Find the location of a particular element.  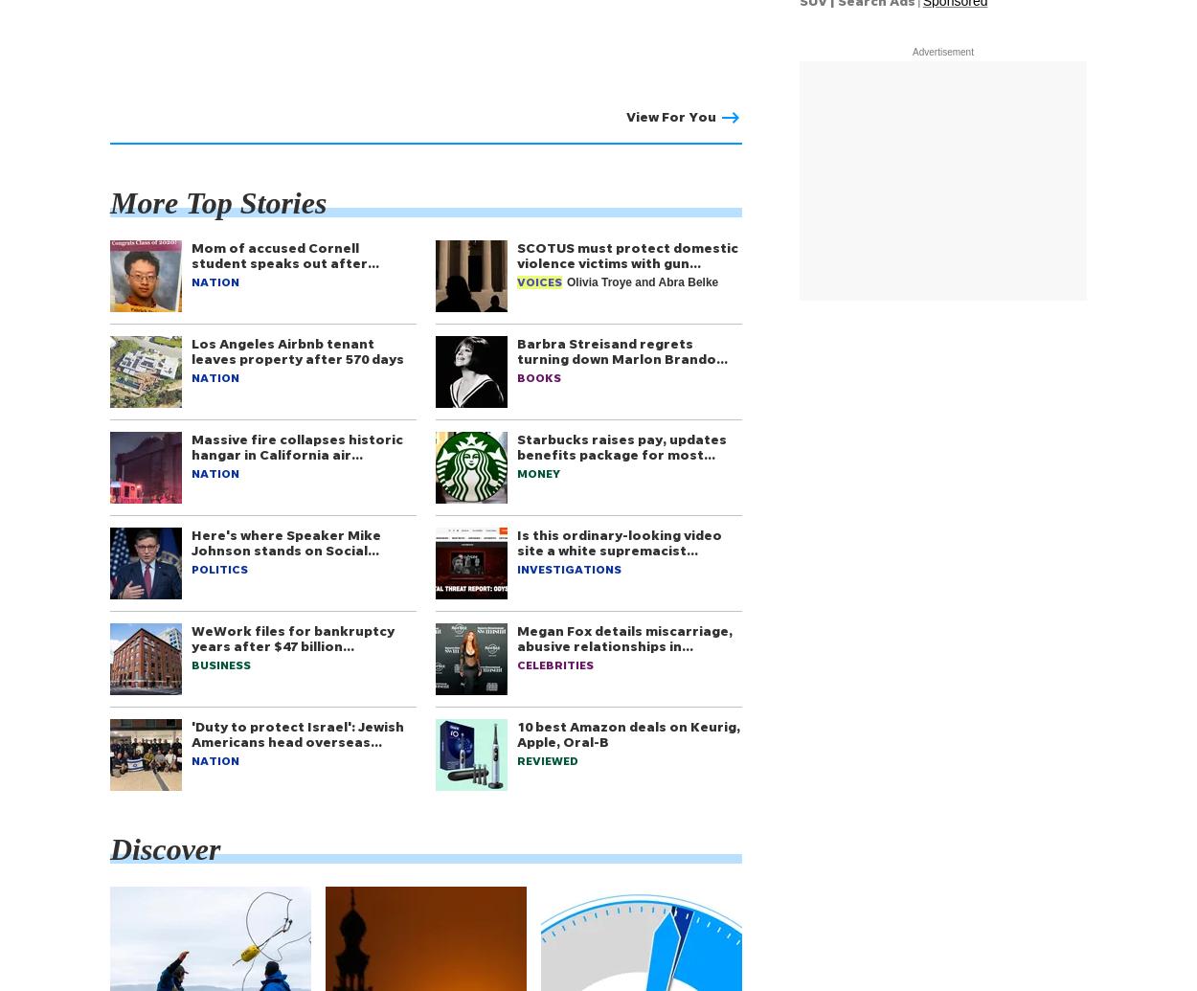

'Massive fire collapses historic hangar in California air…' is located at coordinates (297, 446).